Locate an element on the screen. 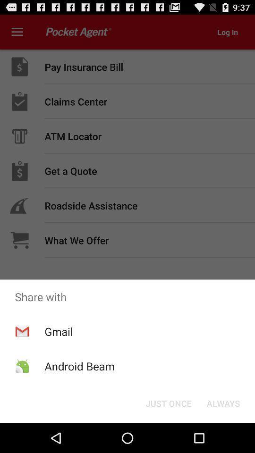 This screenshot has height=453, width=255. the icon at the bottom is located at coordinates (168, 403).